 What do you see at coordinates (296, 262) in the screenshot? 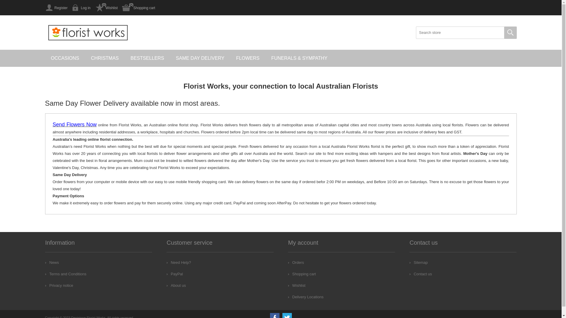
I see `'Orders'` at bounding box center [296, 262].